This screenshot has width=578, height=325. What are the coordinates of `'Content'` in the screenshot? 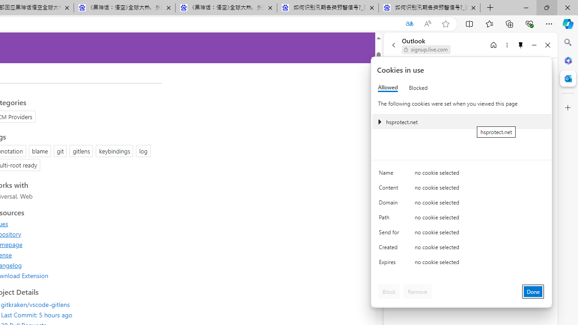 It's located at (391, 189).